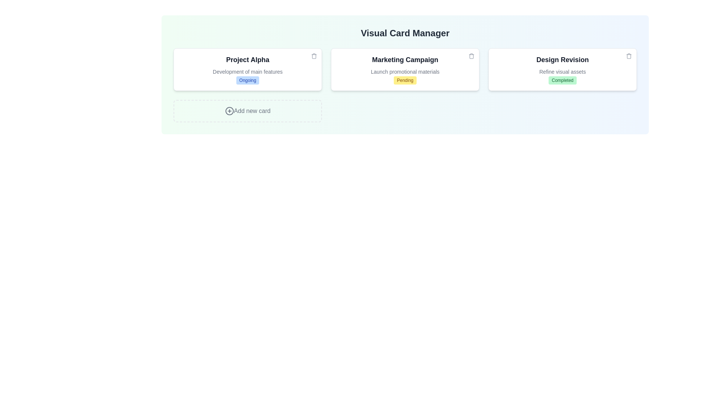 The height and width of the screenshot is (404, 718). What do you see at coordinates (405, 80) in the screenshot?
I see `the status badge with the text Pending` at bounding box center [405, 80].